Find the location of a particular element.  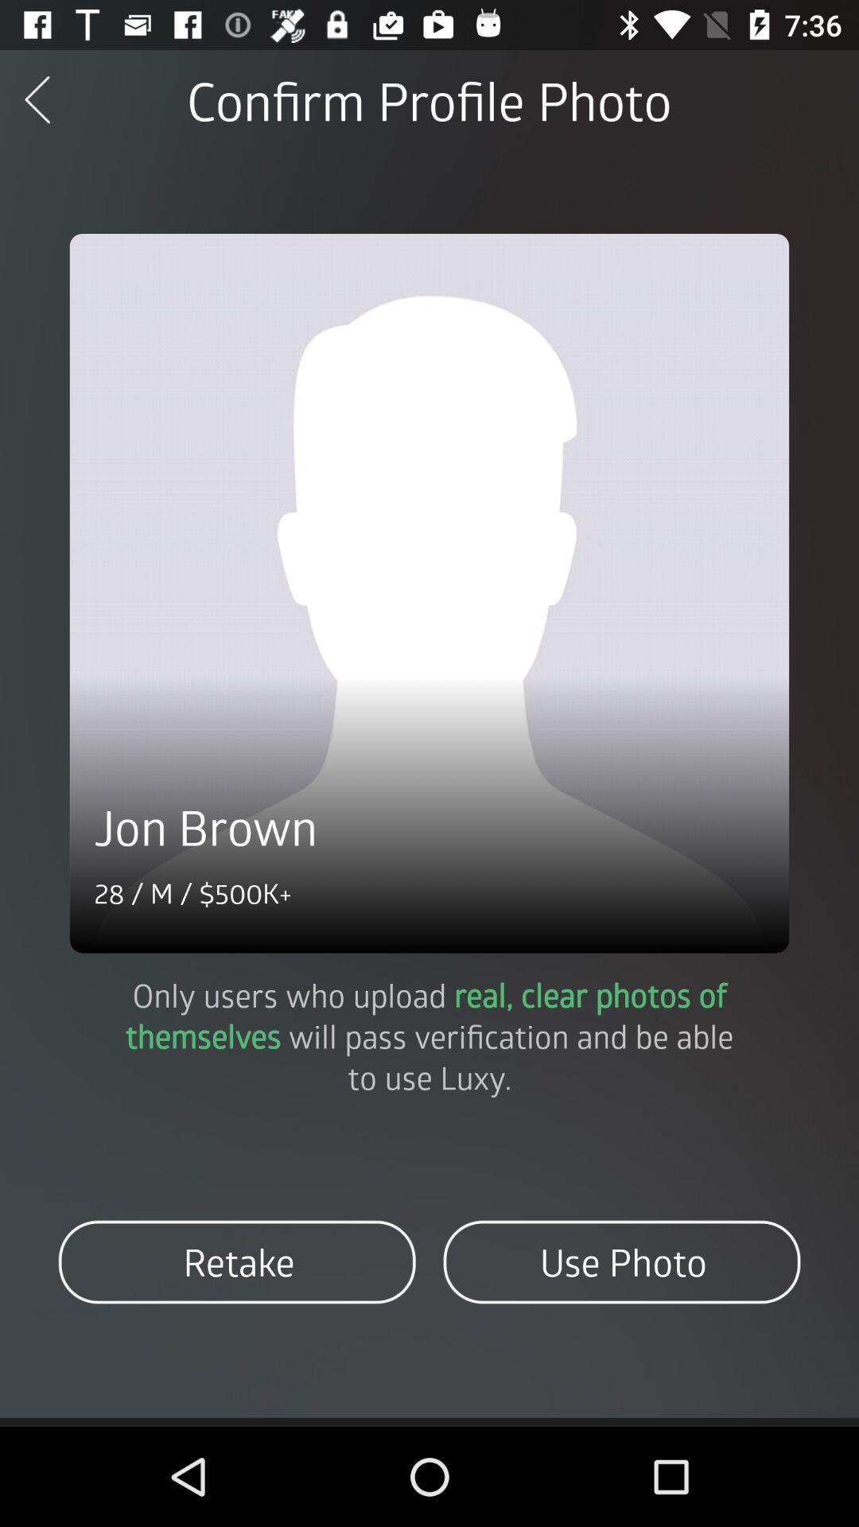

only users who icon is located at coordinates (429, 1035).